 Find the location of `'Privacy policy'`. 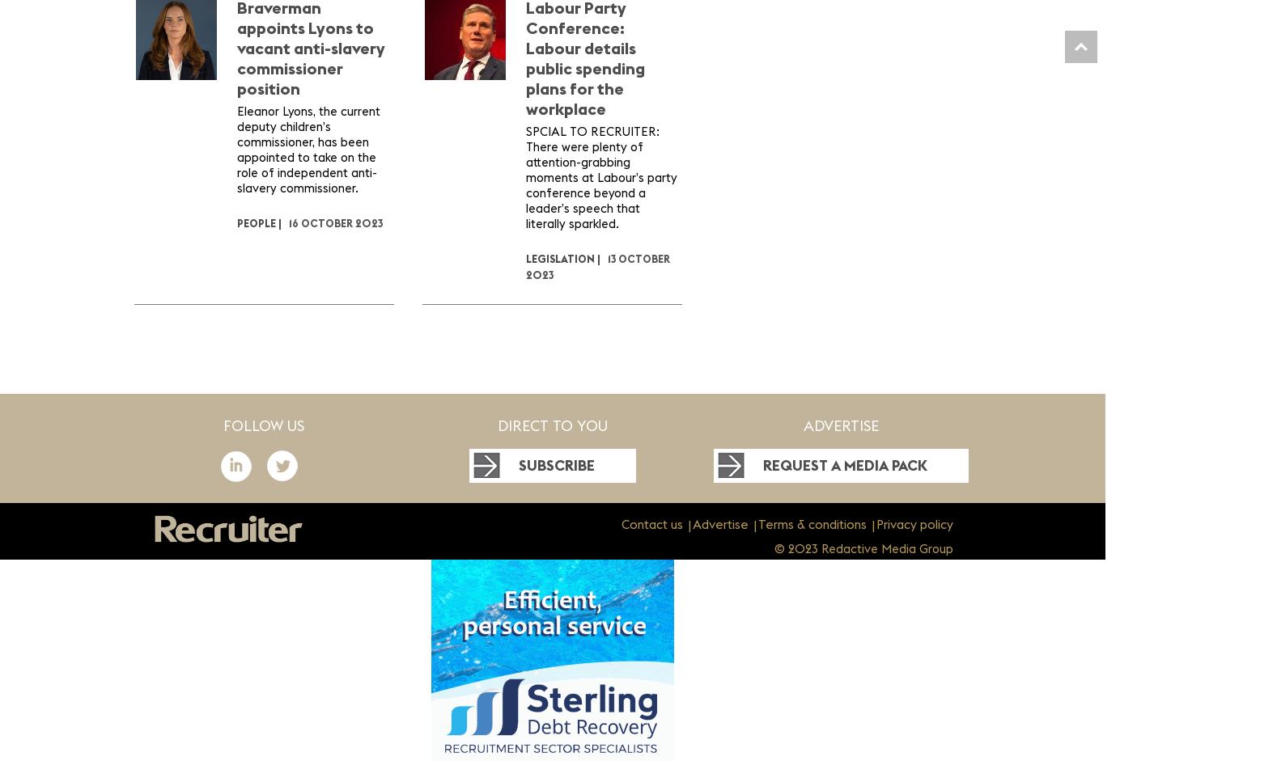

'Privacy policy' is located at coordinates (913, 524).